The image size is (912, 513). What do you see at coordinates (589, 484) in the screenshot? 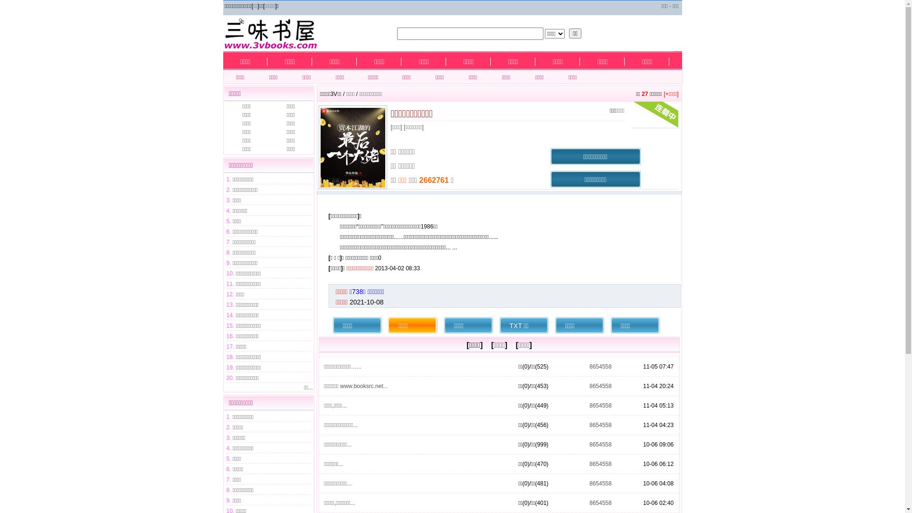
I see `'8654558'` at bounding box center [589, 484].